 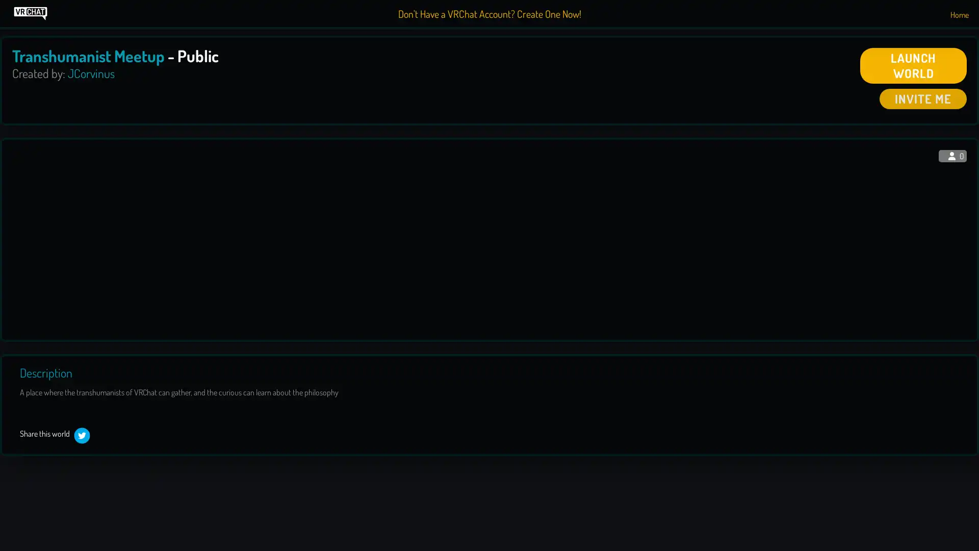 What do you see at coordinates (923, 98) in the screenshot?
I see `INVITE ME` at bounding box center [923, 98].